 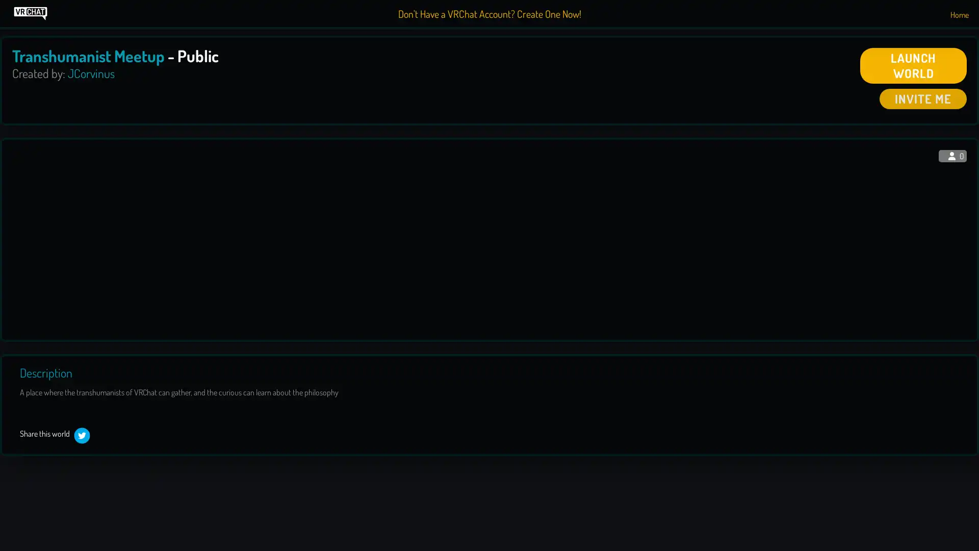 What do you see at coordinates (923, 98) in the screenshot?
I see `INVITE ME` at bounding box center [923, 98].